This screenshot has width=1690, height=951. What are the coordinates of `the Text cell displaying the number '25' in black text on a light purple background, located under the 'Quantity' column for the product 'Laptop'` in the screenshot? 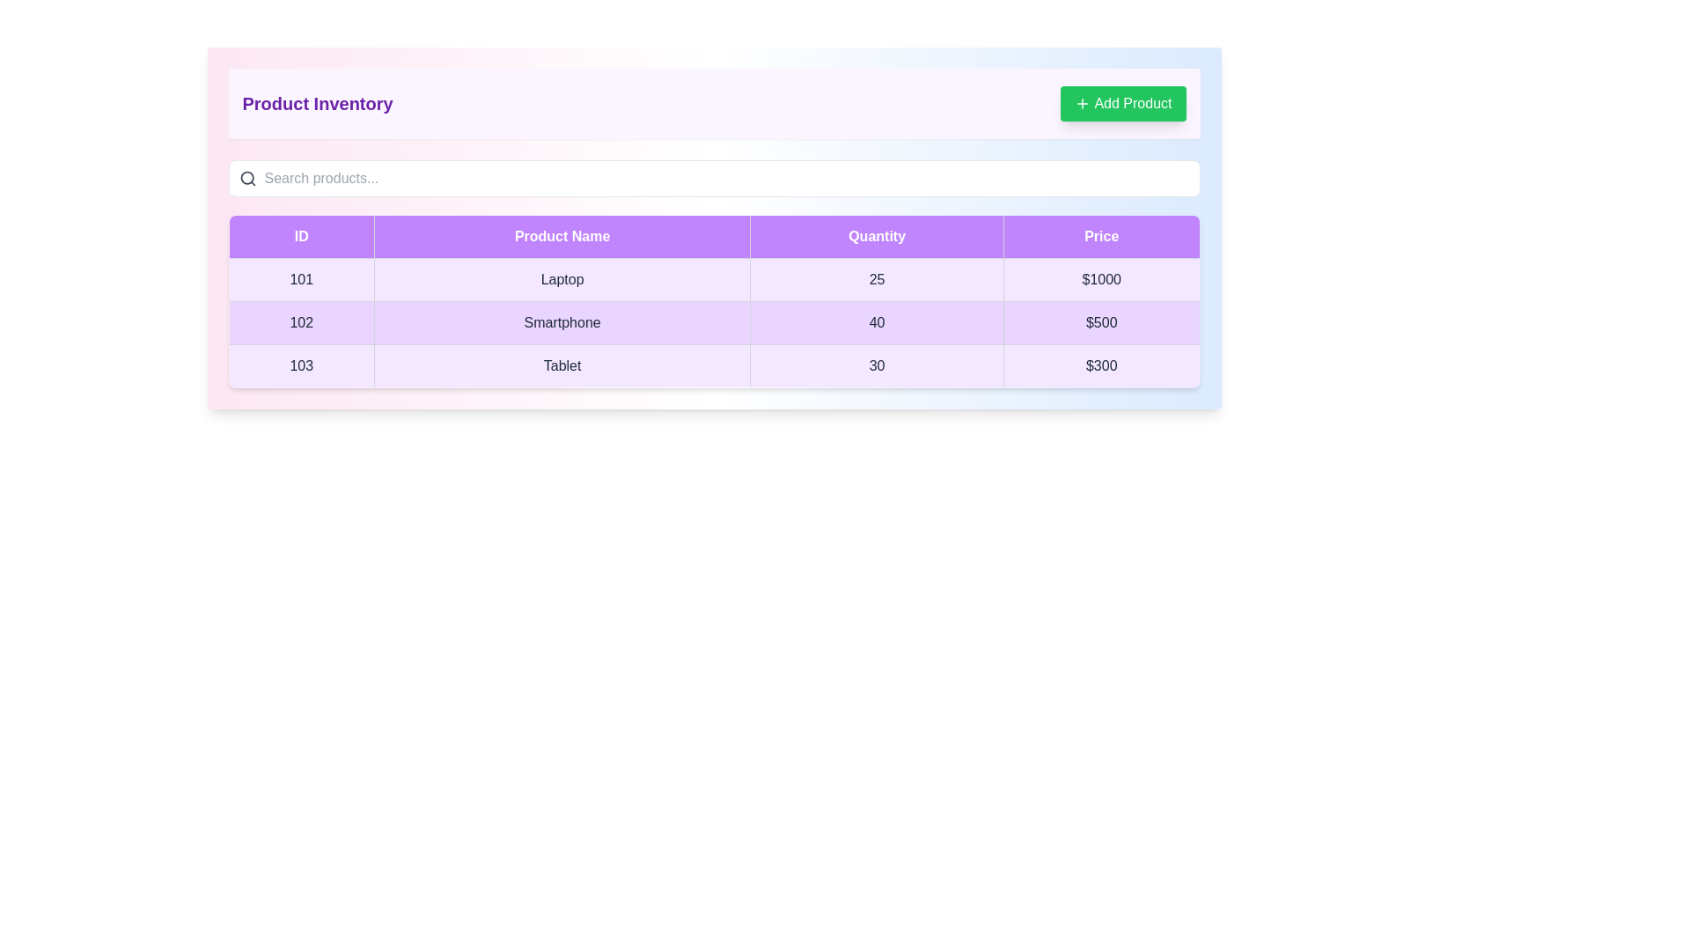 It's located at (877, 278).